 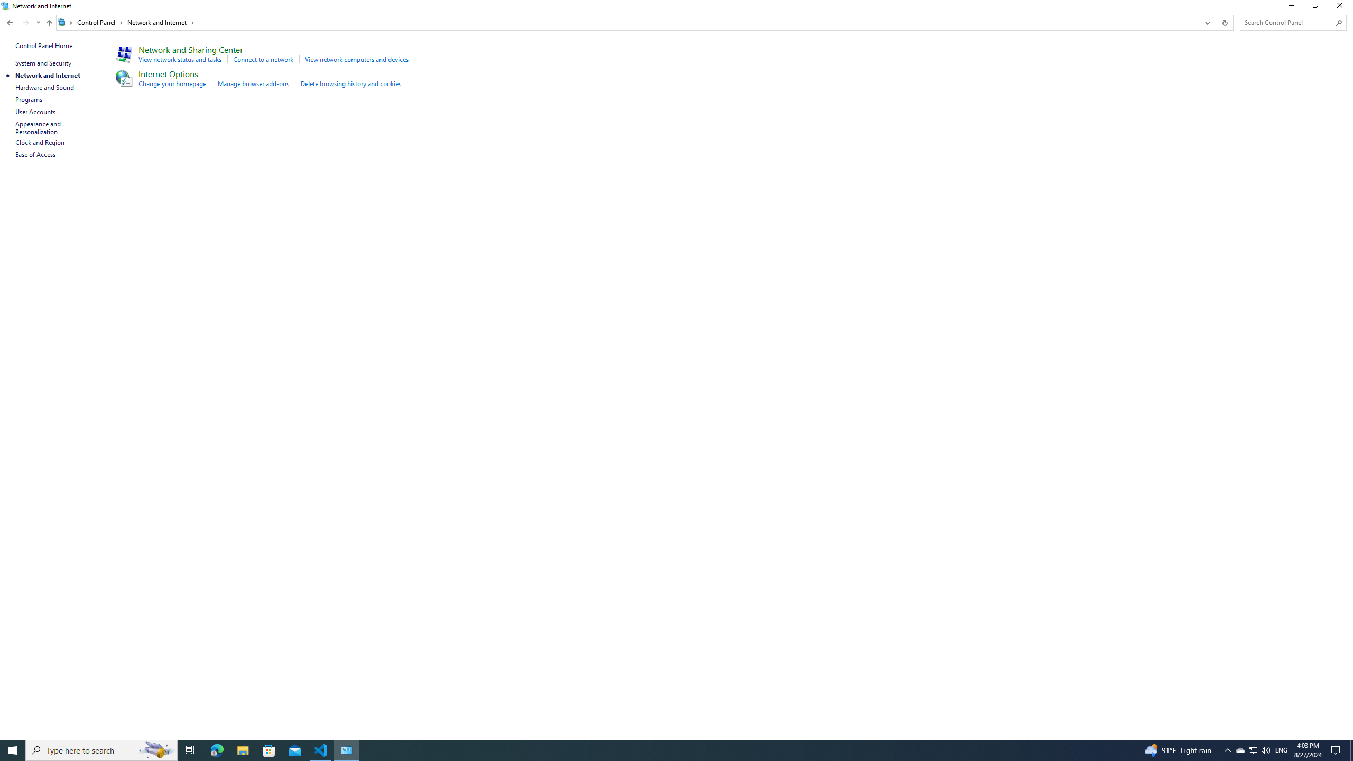 I want to click on 'Control Panel Home', so click(x=43, y=45).